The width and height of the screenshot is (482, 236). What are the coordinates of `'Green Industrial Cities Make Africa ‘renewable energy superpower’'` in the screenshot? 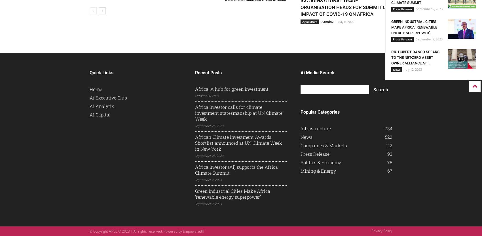 It's located at (195, 194).